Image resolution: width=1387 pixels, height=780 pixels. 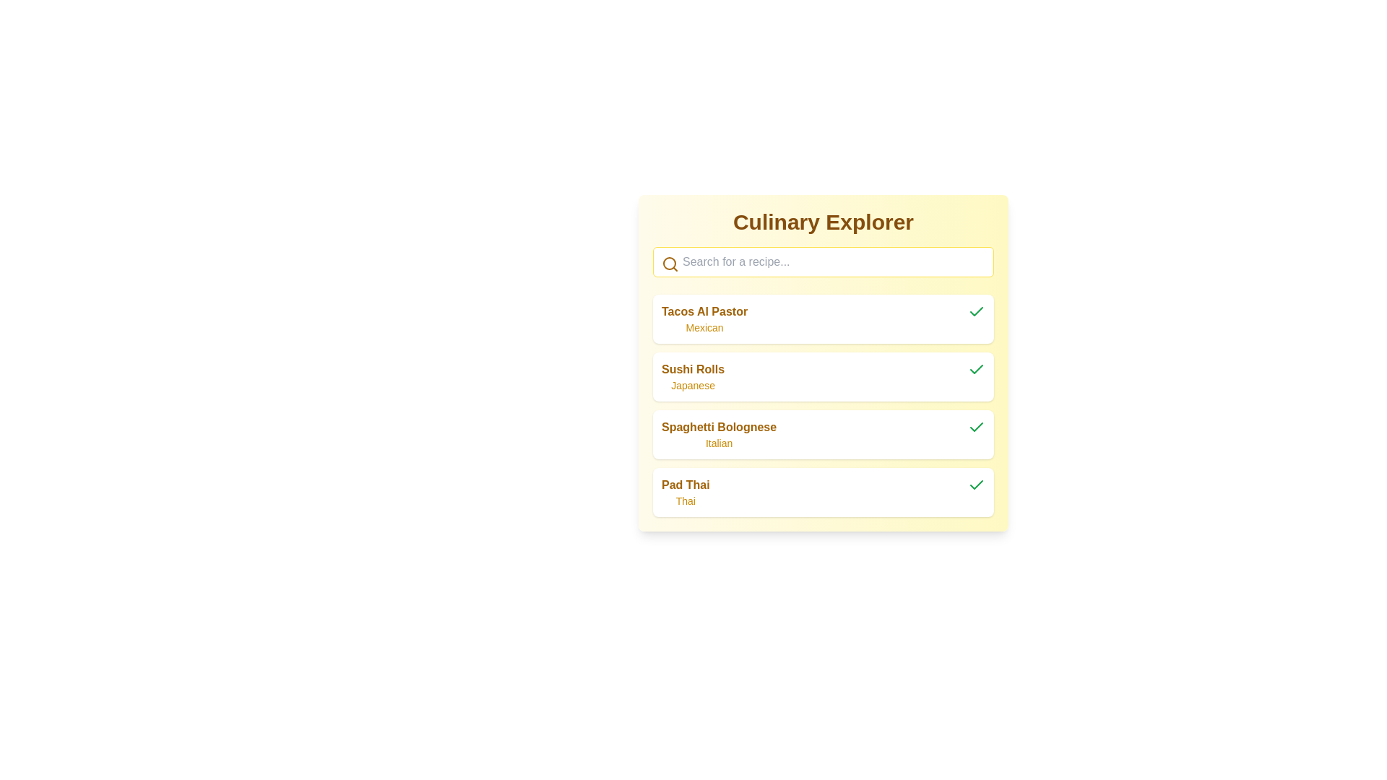 What do you see at coordinates (977, 426) in the screenshot?
I see `the status represented by the green checkmark icon next to the second highlighted recipe item 'Sushi Rolls' in the Culinary Explorer interface` at bounding box center [977, 426].